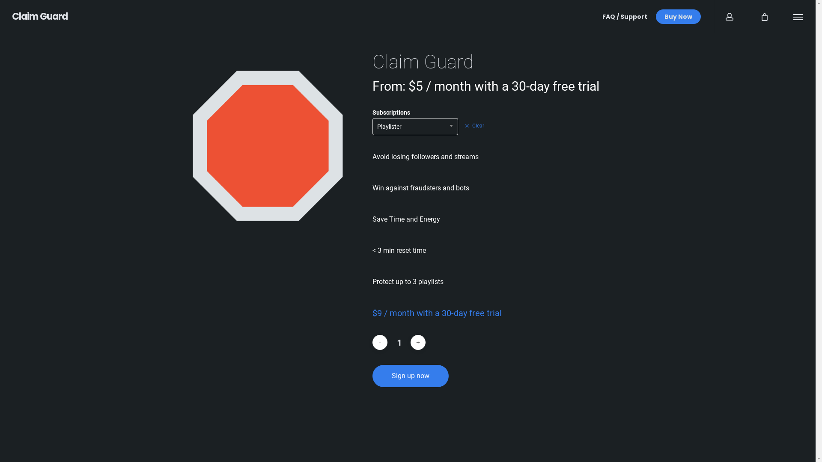 The height and width of the screenshot is (462, 822). Describe the element at coordinates (625, 16) in the screenshot. I see `'FAQ / Support'` at that location.